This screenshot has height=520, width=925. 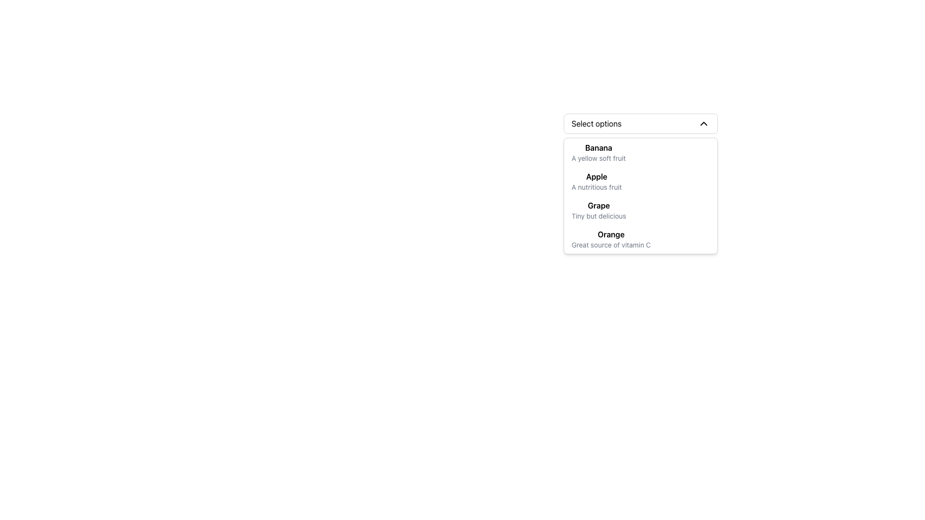 What do you see at coordinates (703, 123) in the screenshot?
I see `the chevron-up icon, which is a thin black outlined triangular arrowhead shape located at the far-right of the 'Select options' dropdown button area` at bounding box center [703, 123].